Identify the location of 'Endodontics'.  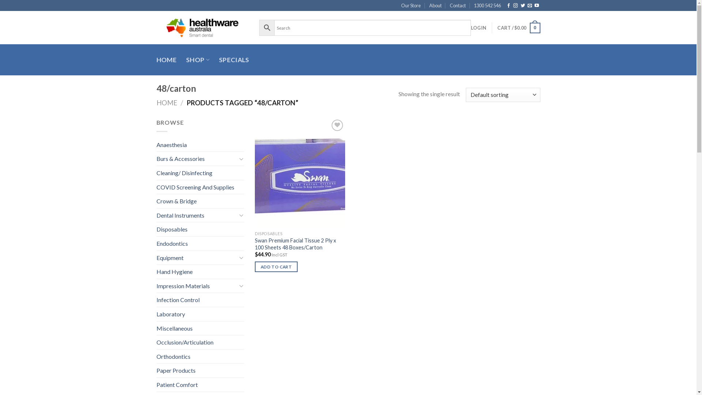
(156, 244).